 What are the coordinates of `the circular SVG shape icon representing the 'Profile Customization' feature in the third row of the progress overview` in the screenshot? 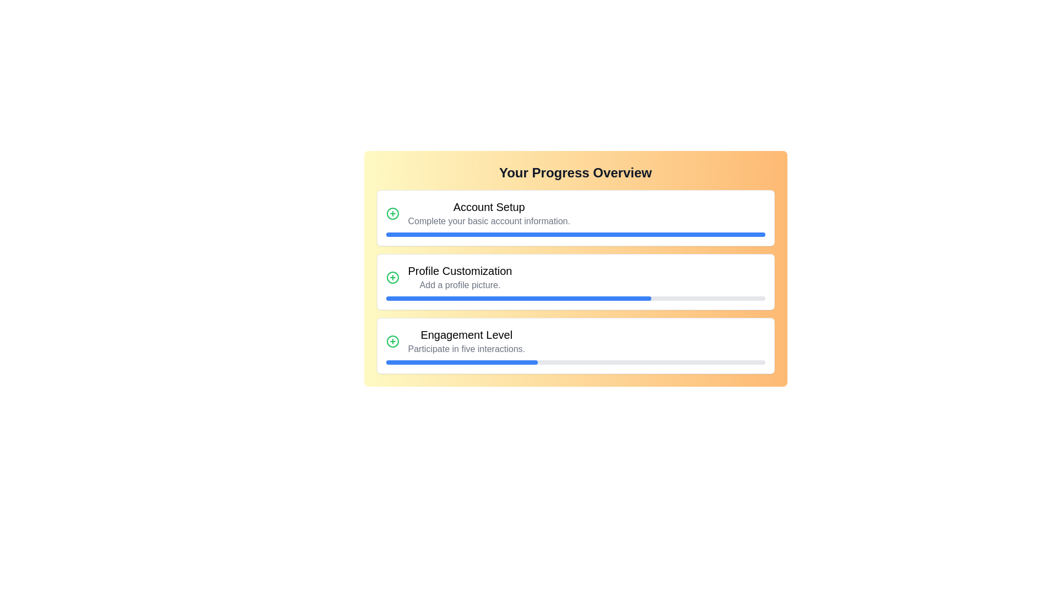 It's located at (392, 277).